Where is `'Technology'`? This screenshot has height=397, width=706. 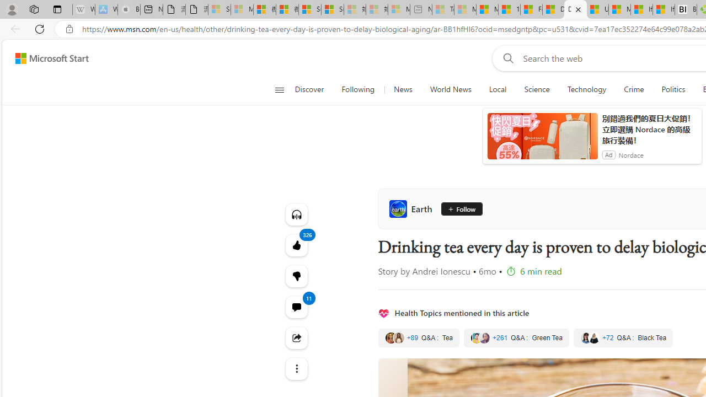
'Technology' is located at coordinates (586, 89).